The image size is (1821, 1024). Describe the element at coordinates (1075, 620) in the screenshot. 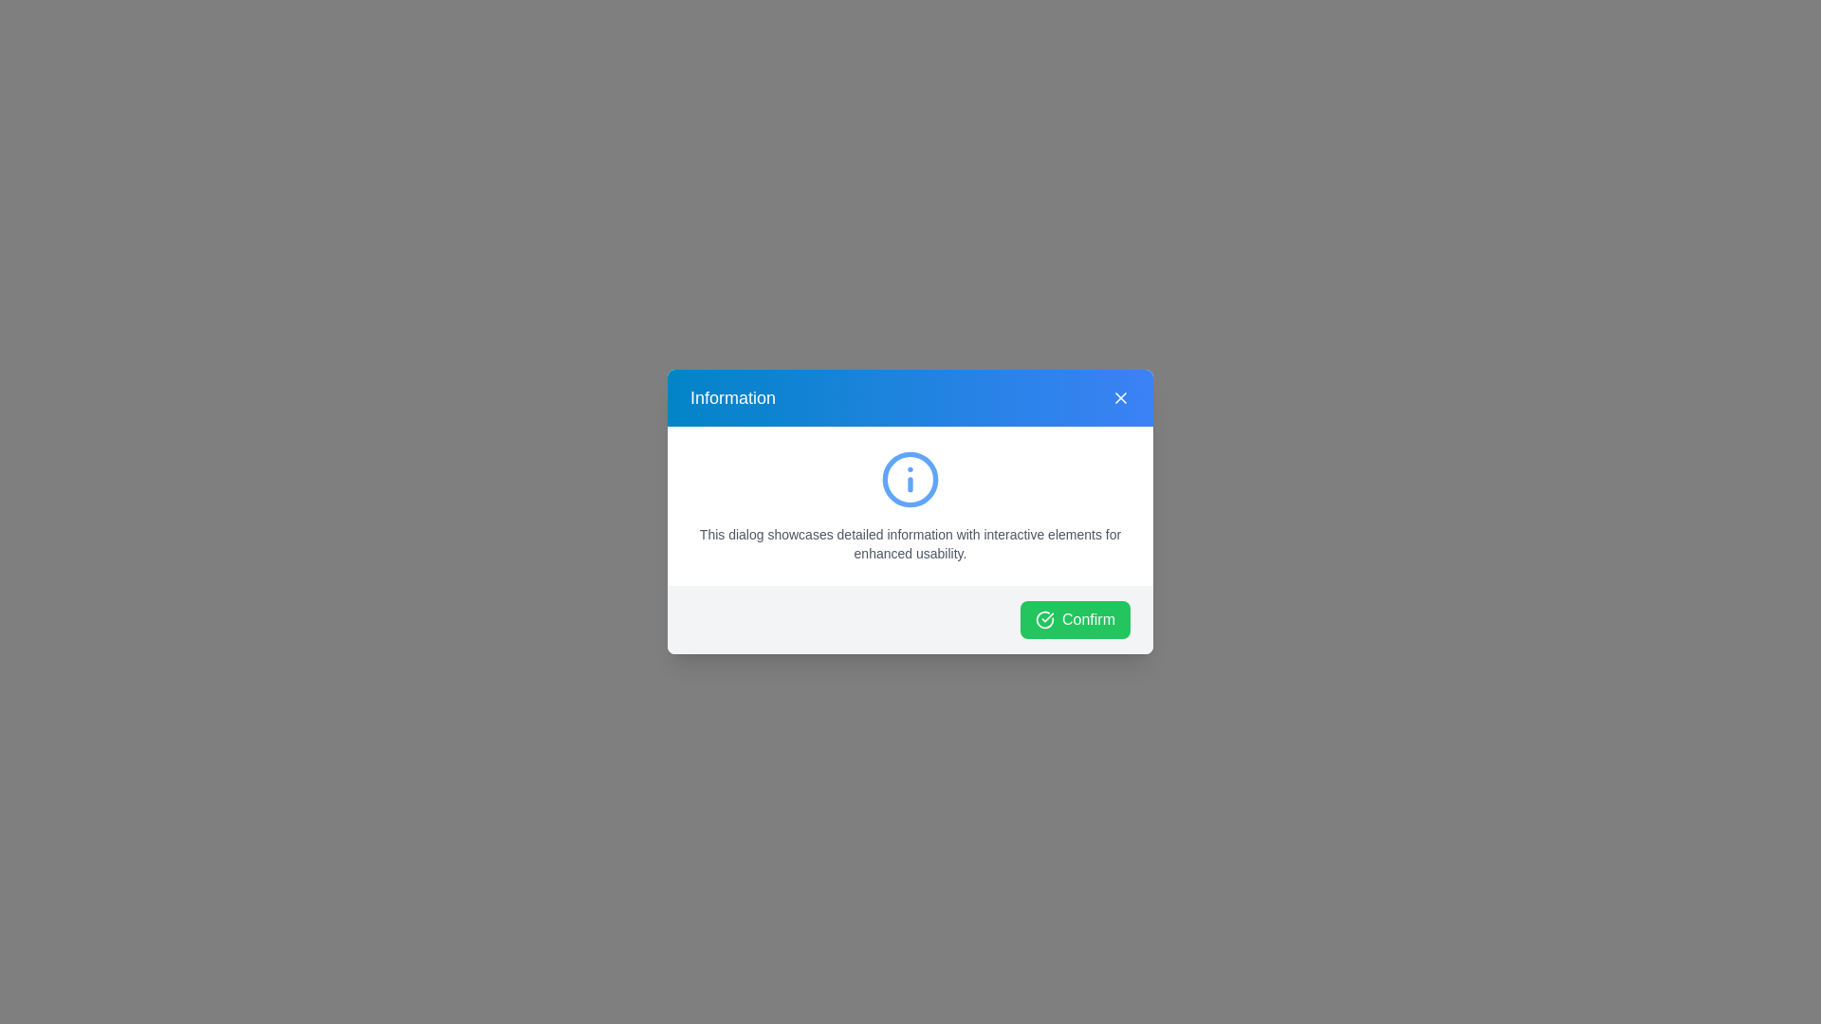

I see `the 'Confirm' button with a green background and white text, located at the bottom-right corner of the dialog box` at that location.